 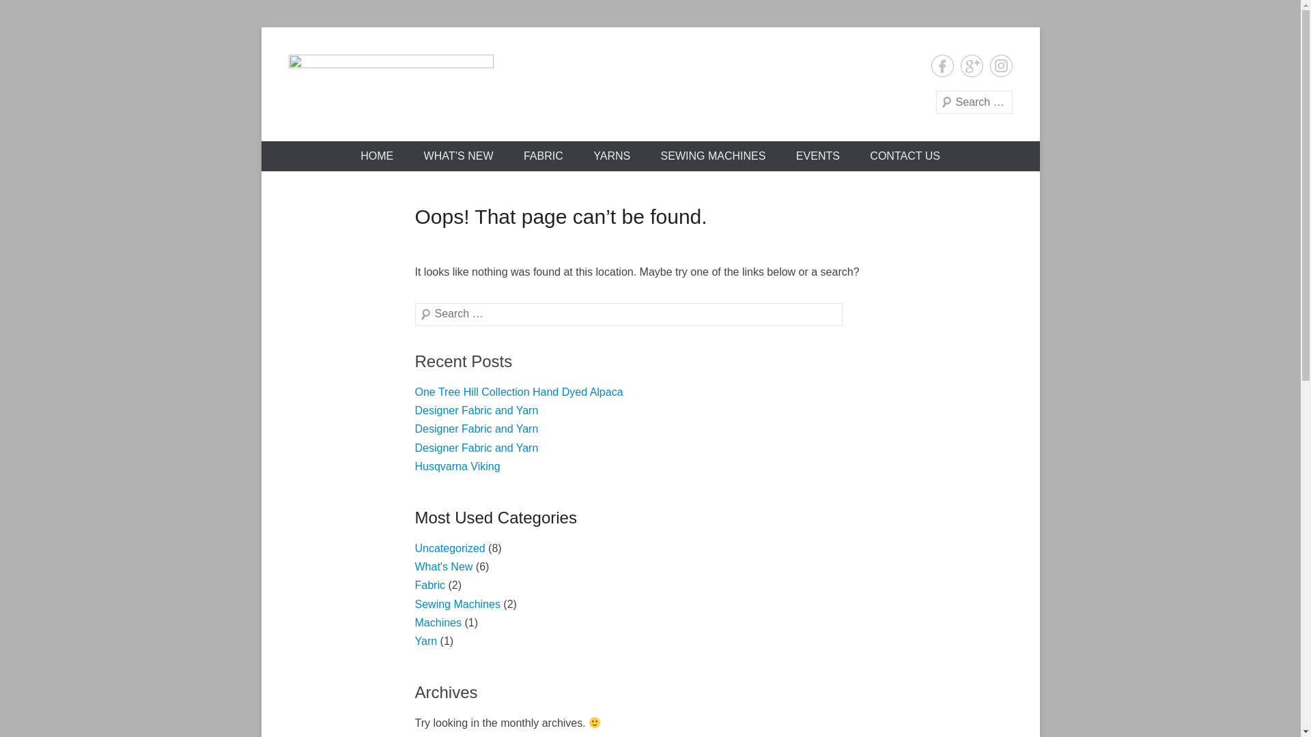 What do you see at coordinates (444, 566) in the screenshot?
I see `'What's New'` at bounding box center [444, 566].